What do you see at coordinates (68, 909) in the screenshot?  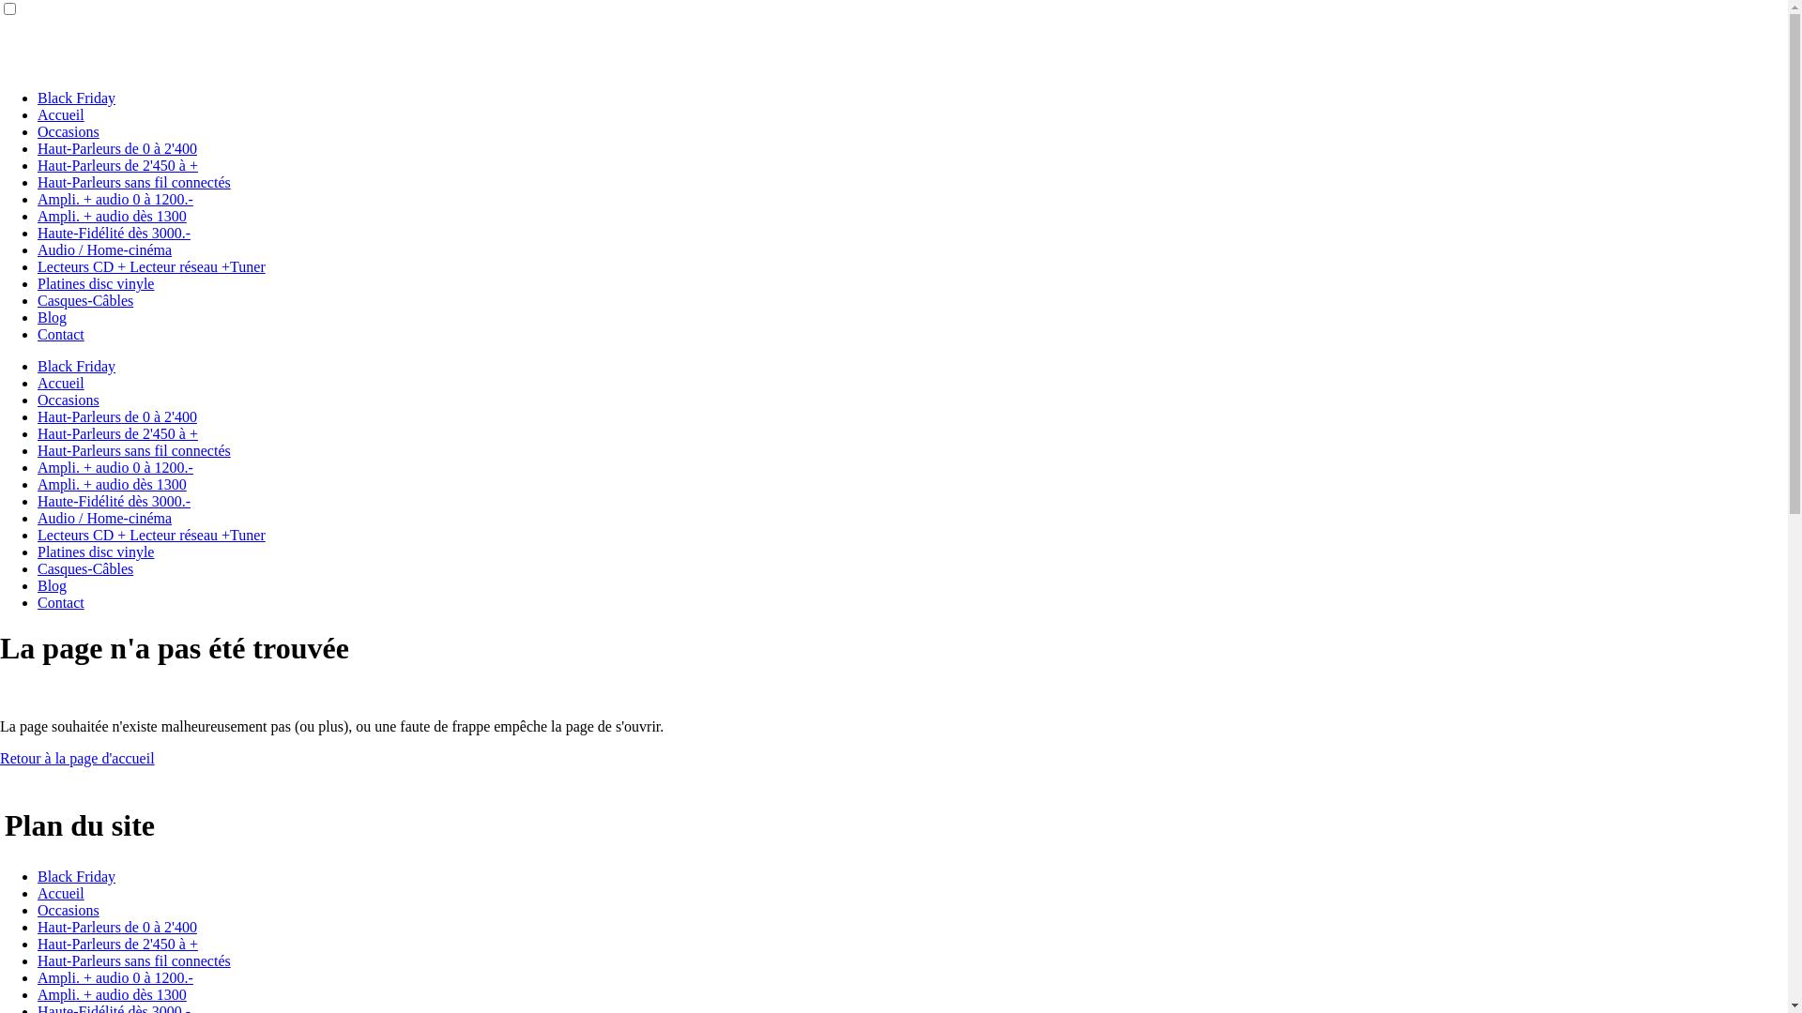 I see `'Occasions'` at bounding box center [68, 909].